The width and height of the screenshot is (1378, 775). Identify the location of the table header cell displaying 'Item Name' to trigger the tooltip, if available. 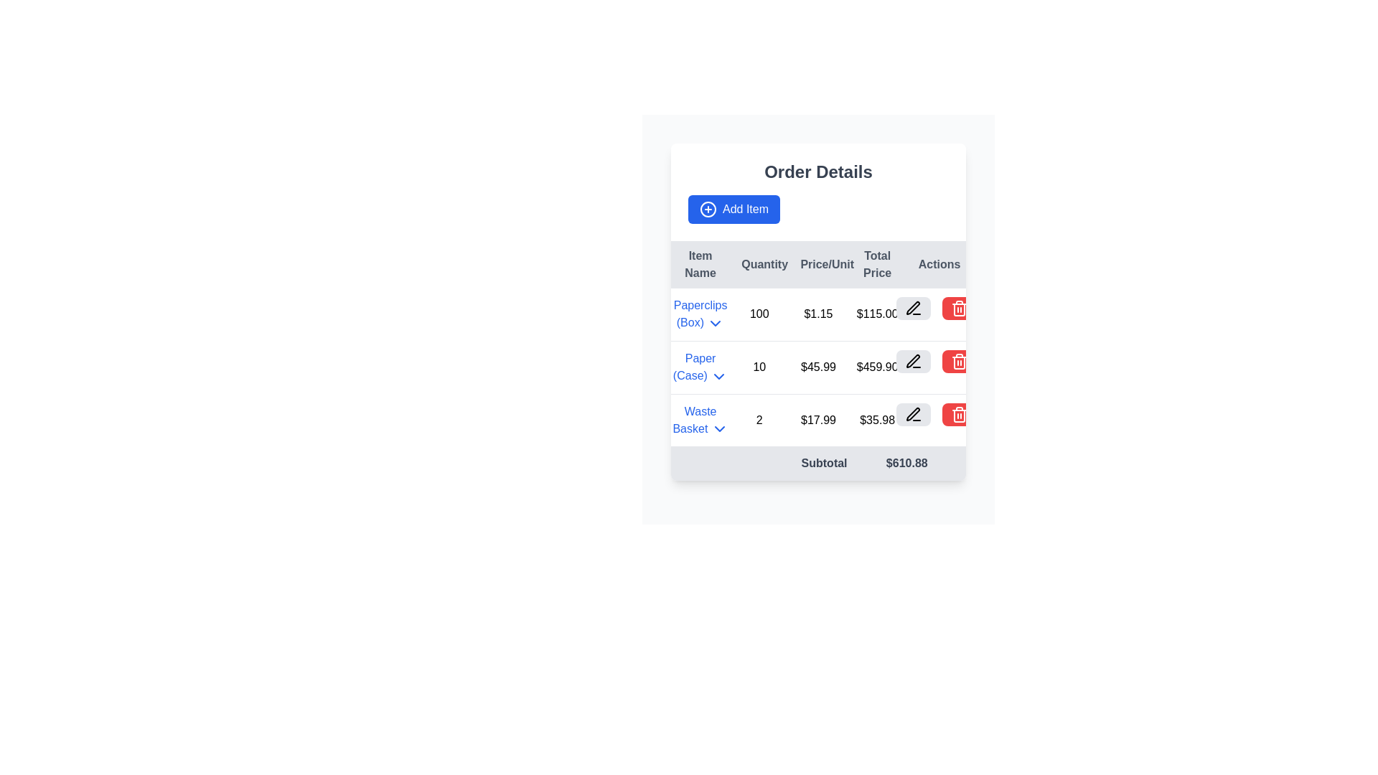
(700, 265).